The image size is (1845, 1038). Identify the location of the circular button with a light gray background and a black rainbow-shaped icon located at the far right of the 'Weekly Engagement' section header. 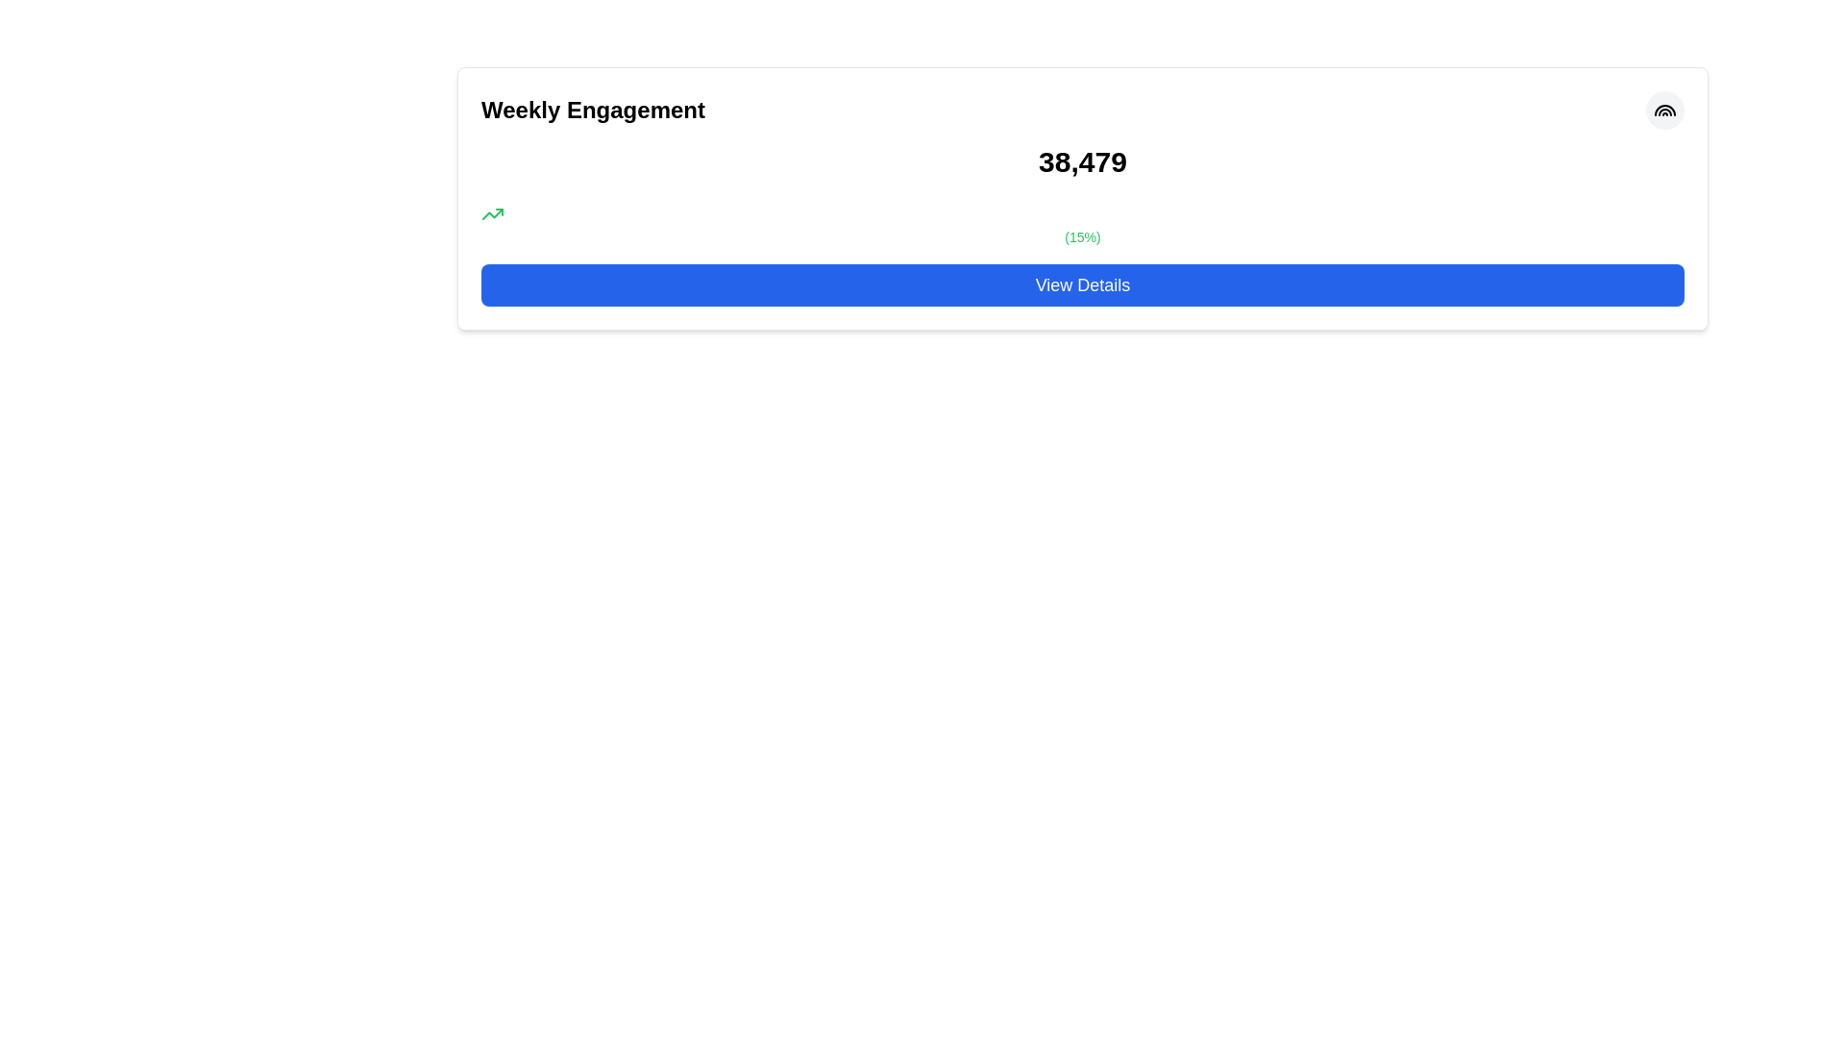
(1663, 111).